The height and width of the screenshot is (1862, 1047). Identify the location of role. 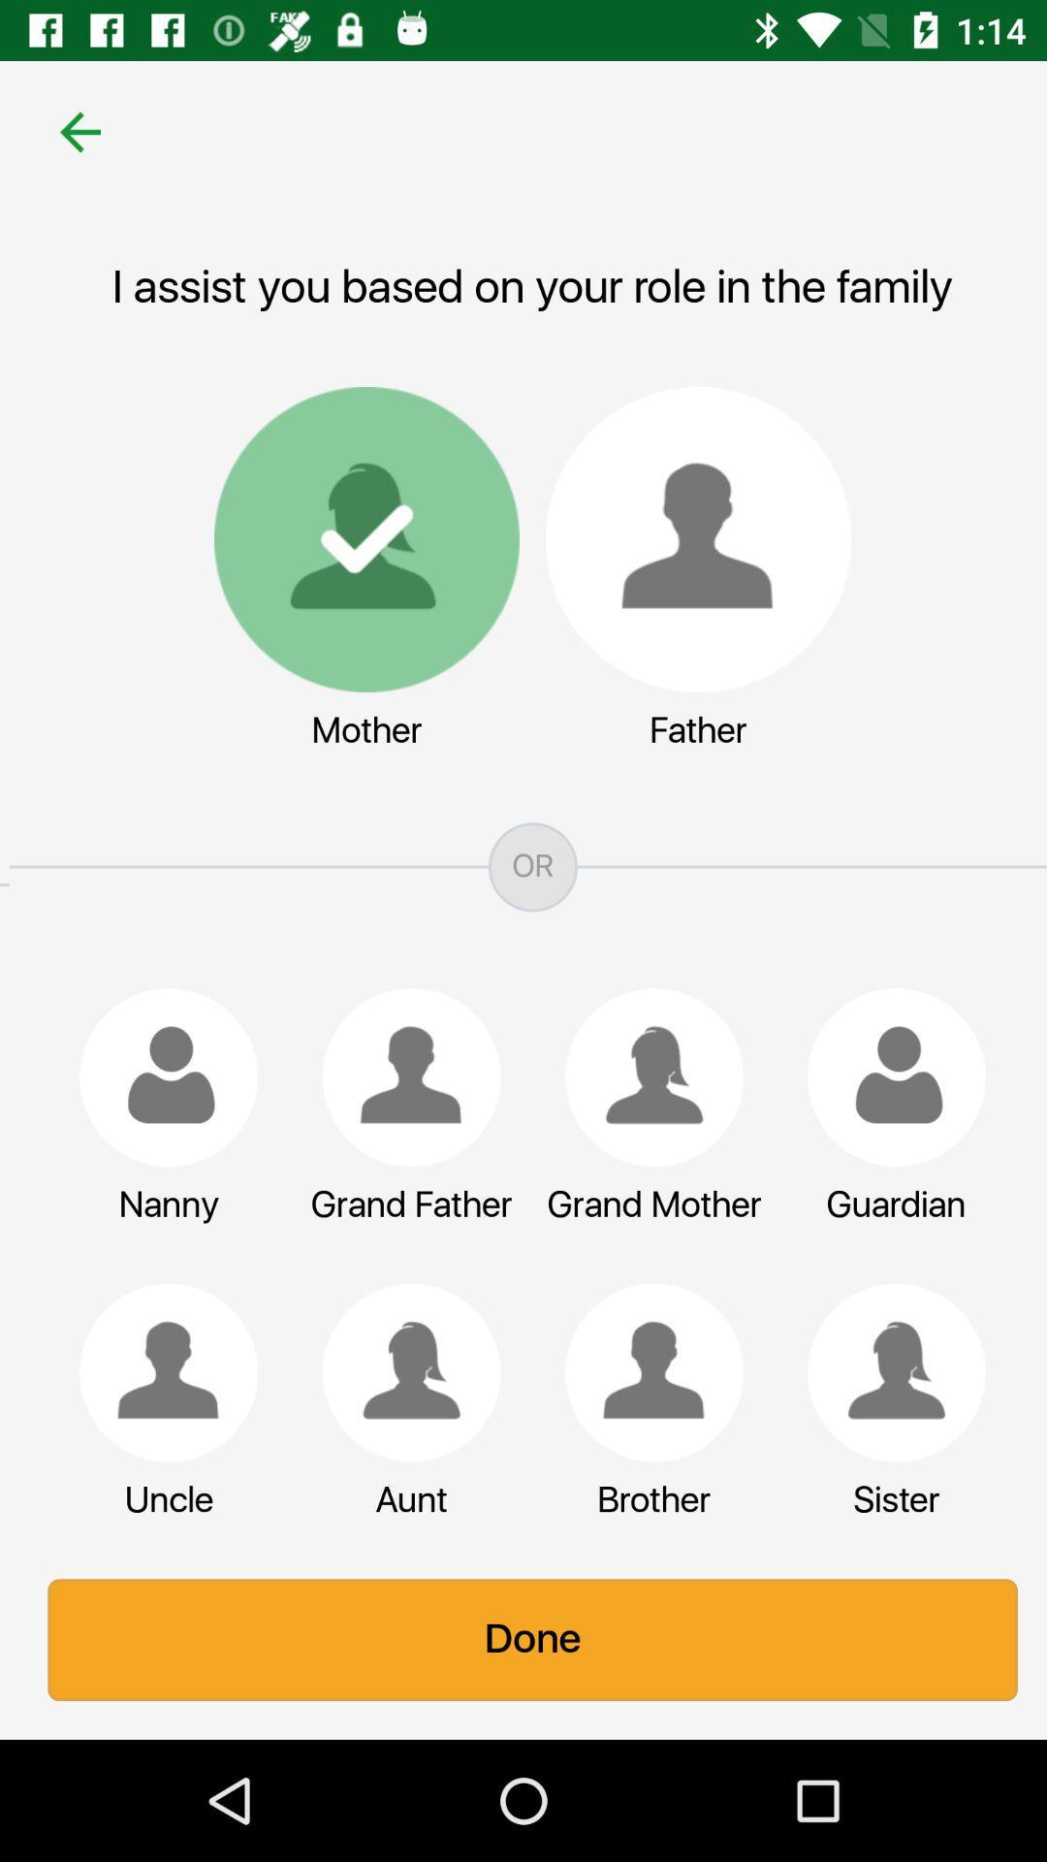
(645, 1076).